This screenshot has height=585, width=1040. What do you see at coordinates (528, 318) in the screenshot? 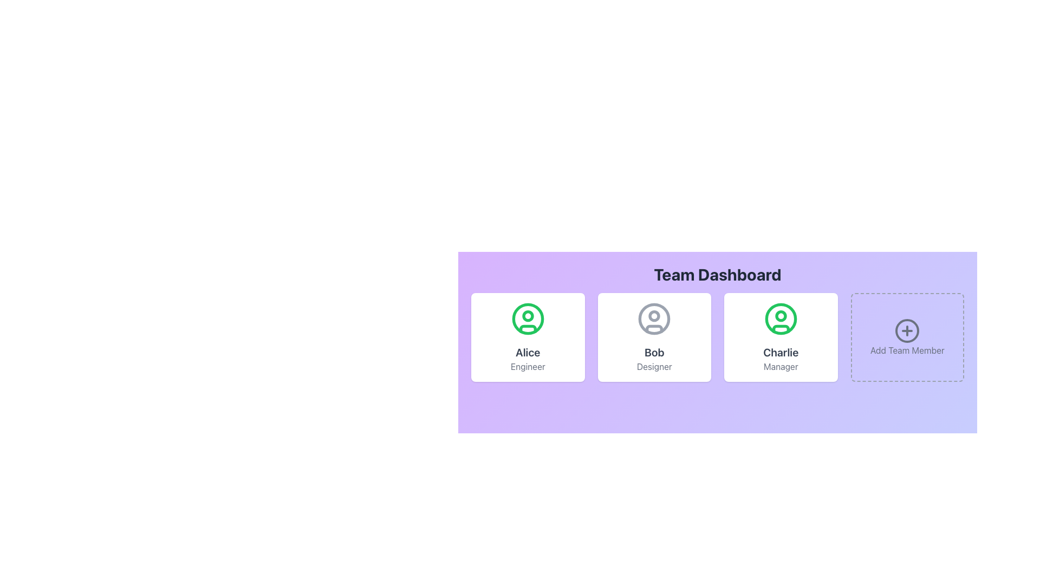
I see `the circular user profile icon with a green outline, which is positioned at the top center of the user card associated with 'Alice' and 'Engineer'` at bounding box center [528, 318].